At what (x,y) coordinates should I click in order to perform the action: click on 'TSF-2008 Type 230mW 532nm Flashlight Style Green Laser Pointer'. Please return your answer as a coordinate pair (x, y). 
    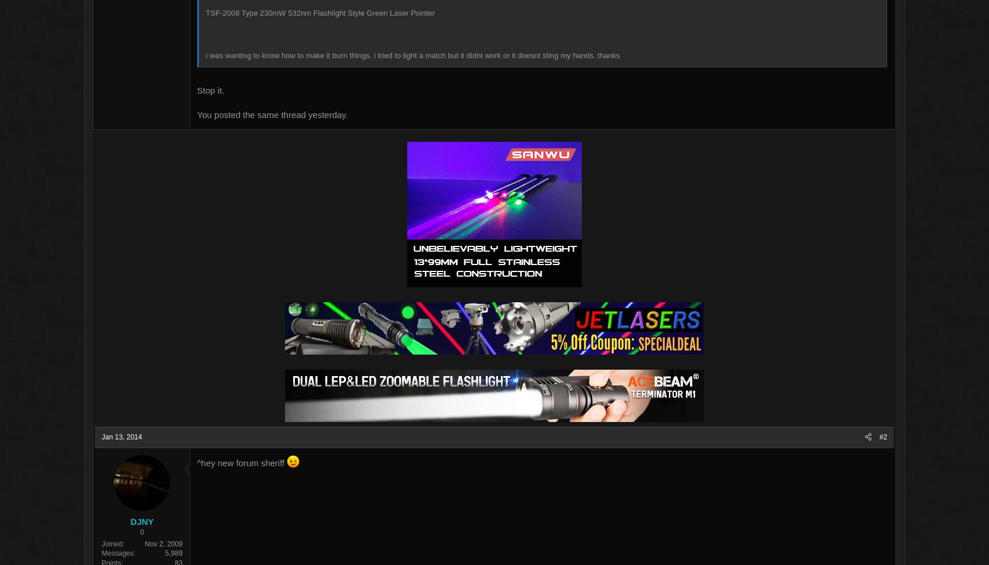
    Looking at the image, I should click on (383, 14).